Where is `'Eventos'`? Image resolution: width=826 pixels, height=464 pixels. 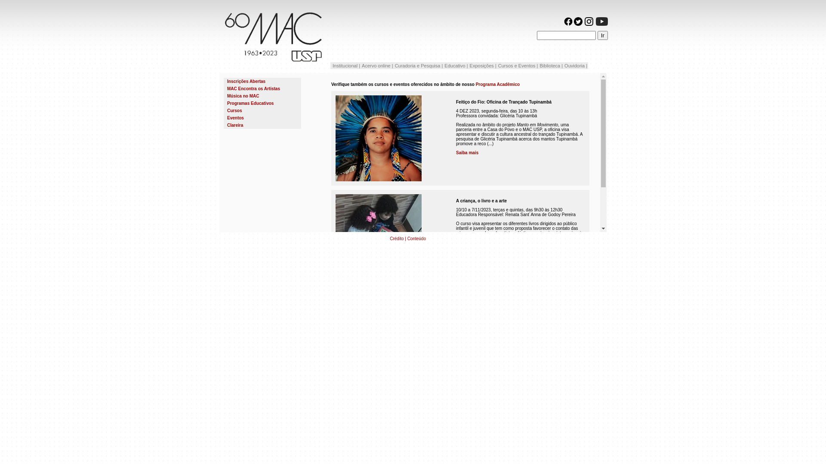 'Eventos' is located at coordinates (262, 118).